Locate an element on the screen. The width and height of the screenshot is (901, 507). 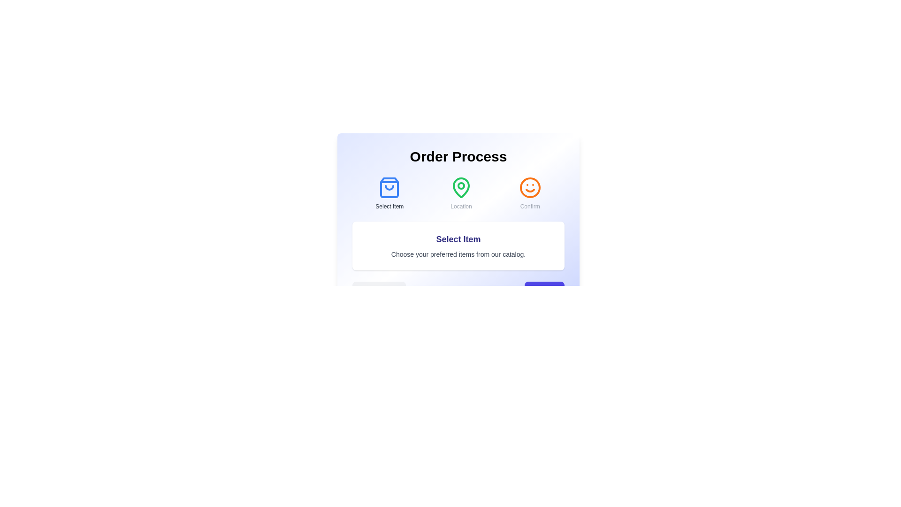
the 'Next' button to navigate to the next step is located at coordinates (544, 291).